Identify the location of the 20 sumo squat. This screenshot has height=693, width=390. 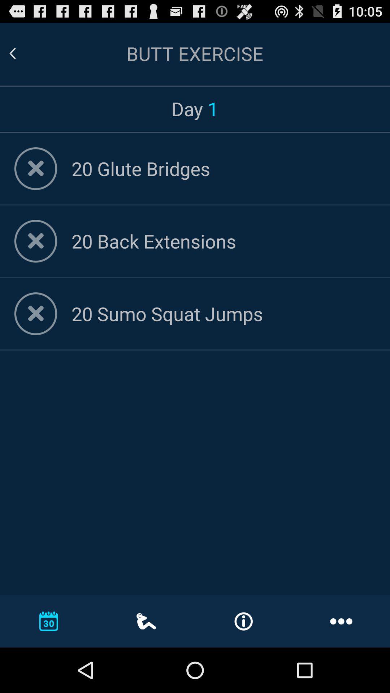
(223, 313).